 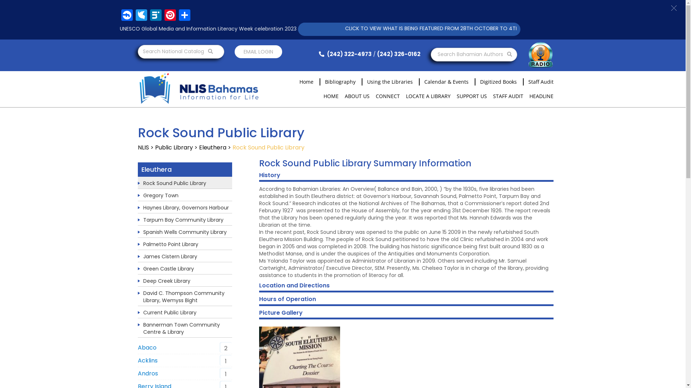 What do you see at coordinates (330, 96) in the screenshot?
I see `'HOME'` at bounding box center [330, 96].